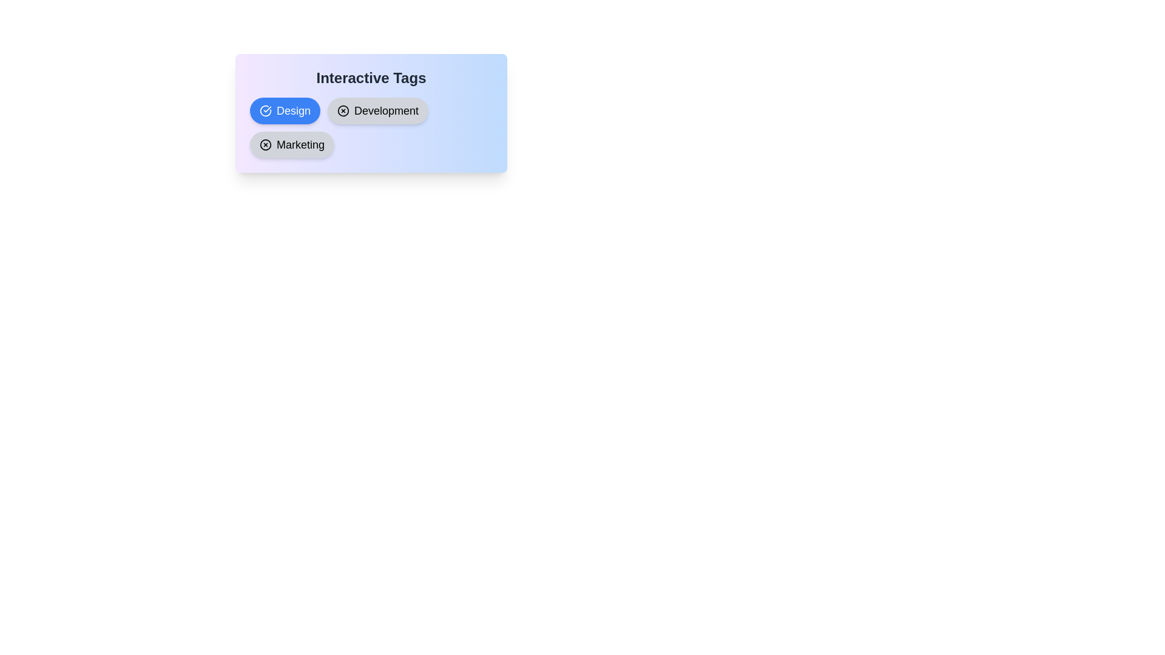  Describe the element at coordinates (377, 110) in the screenshot. I see `the chip labeled 'Development' to observe its hover effect` at that location.